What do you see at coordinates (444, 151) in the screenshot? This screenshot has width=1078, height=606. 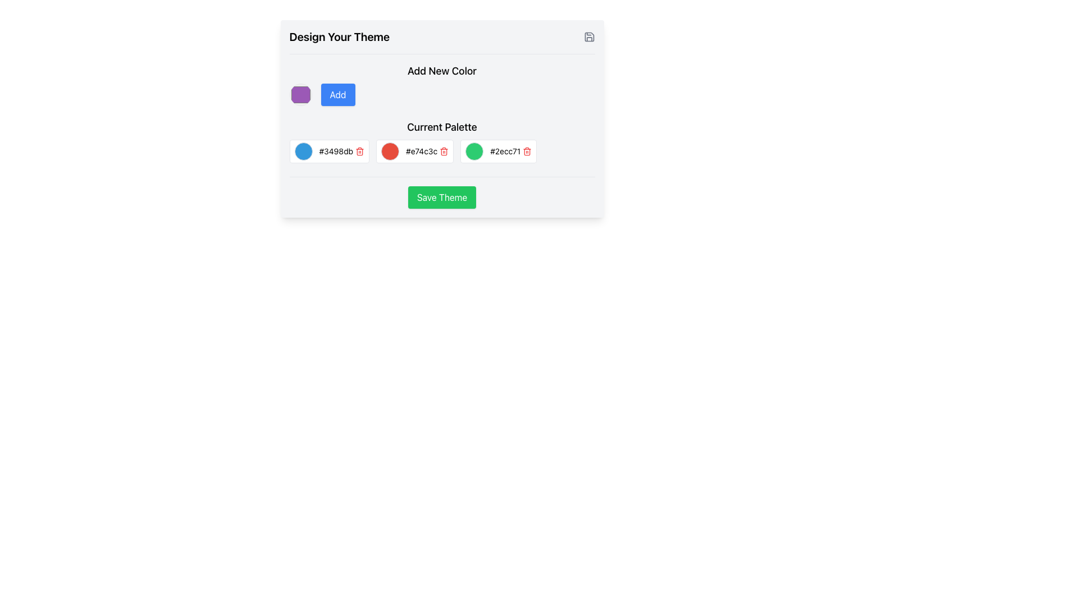 I see `the delete button located to the right of the color representation and hex code '#e74c3c' in the second entry of the 'Current Palette' section` at bounding box center [444, 151].